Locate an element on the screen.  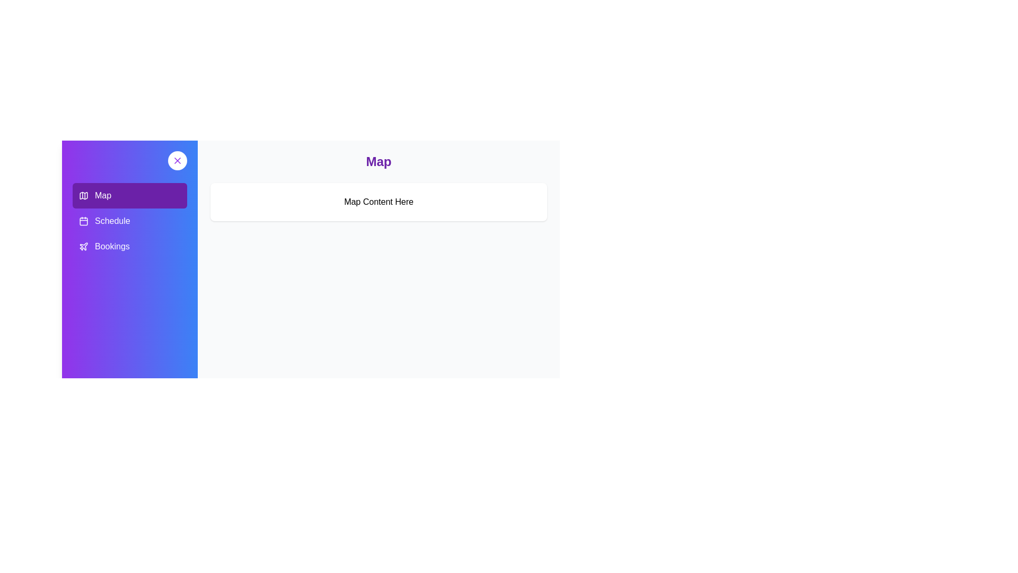
button at the top-right corner of the sidebar to toggle its visibility is located at coordinates (178, 161).